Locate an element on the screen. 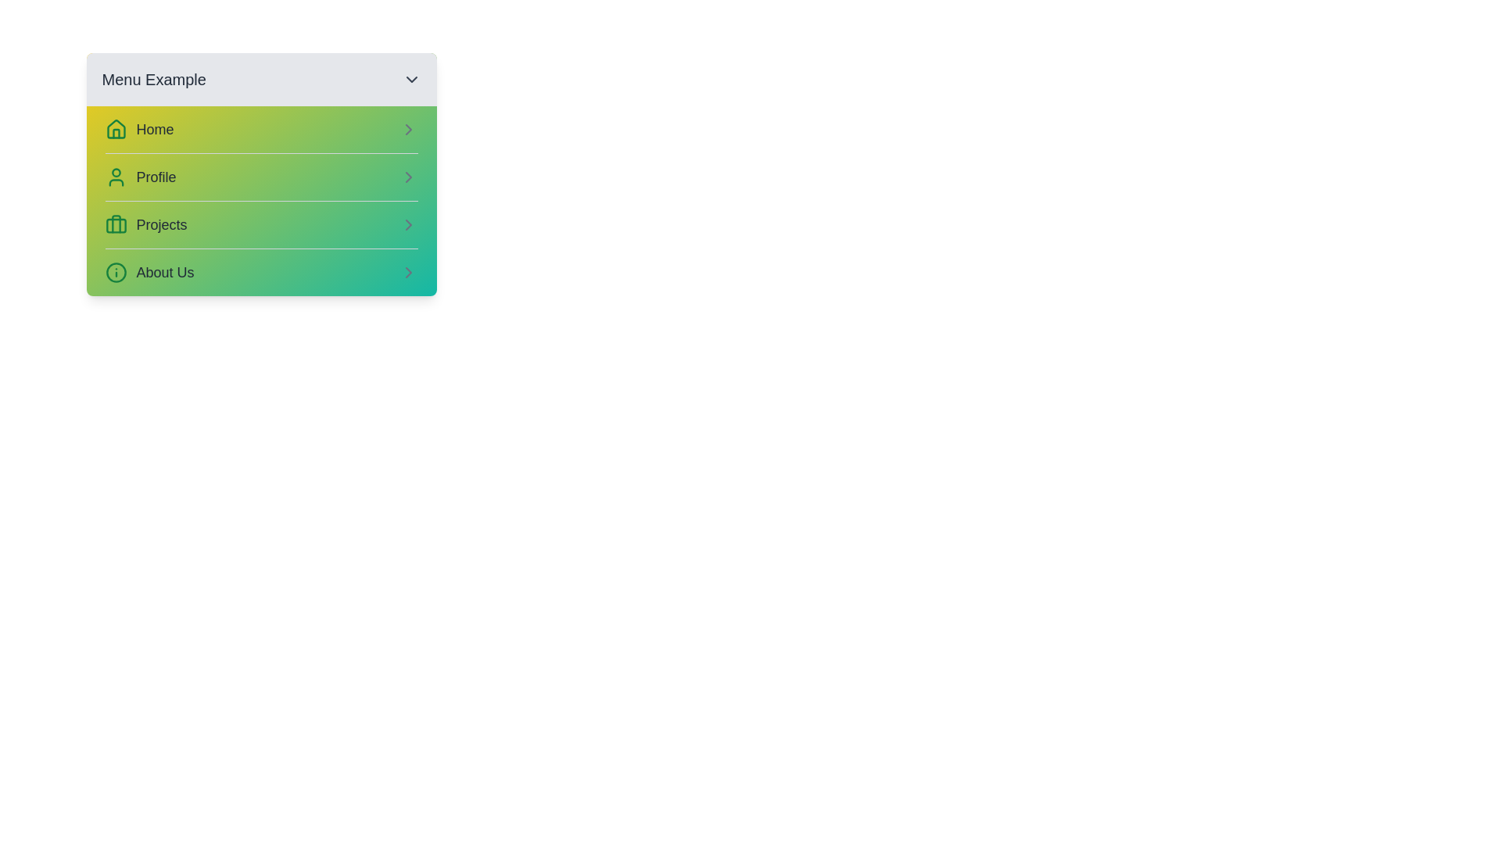 The height and width of the screenshot is (844, 1501). the menu item Profile is located at coordinates (261, 176).